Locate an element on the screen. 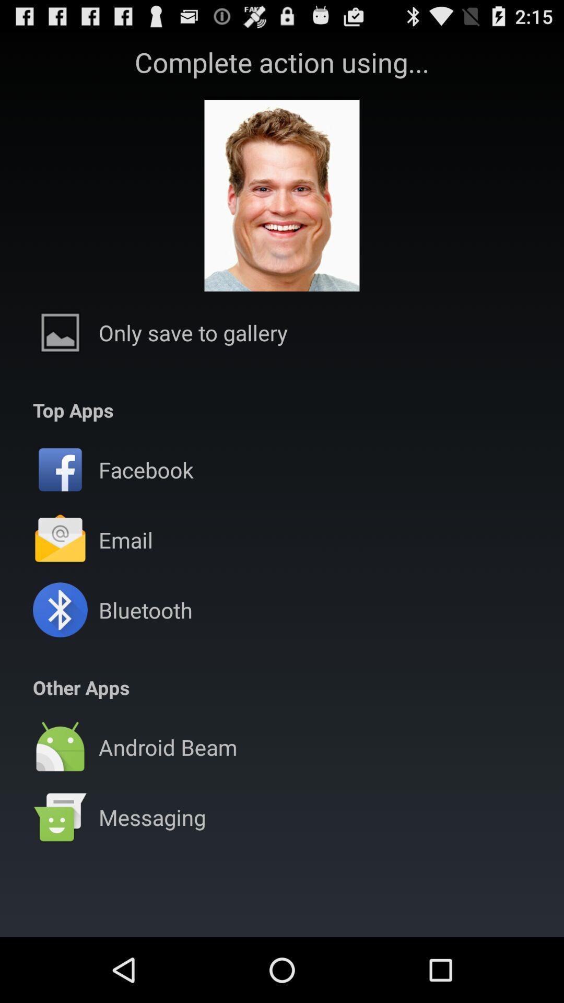  the facebook app is located at coordinates (146, 469).